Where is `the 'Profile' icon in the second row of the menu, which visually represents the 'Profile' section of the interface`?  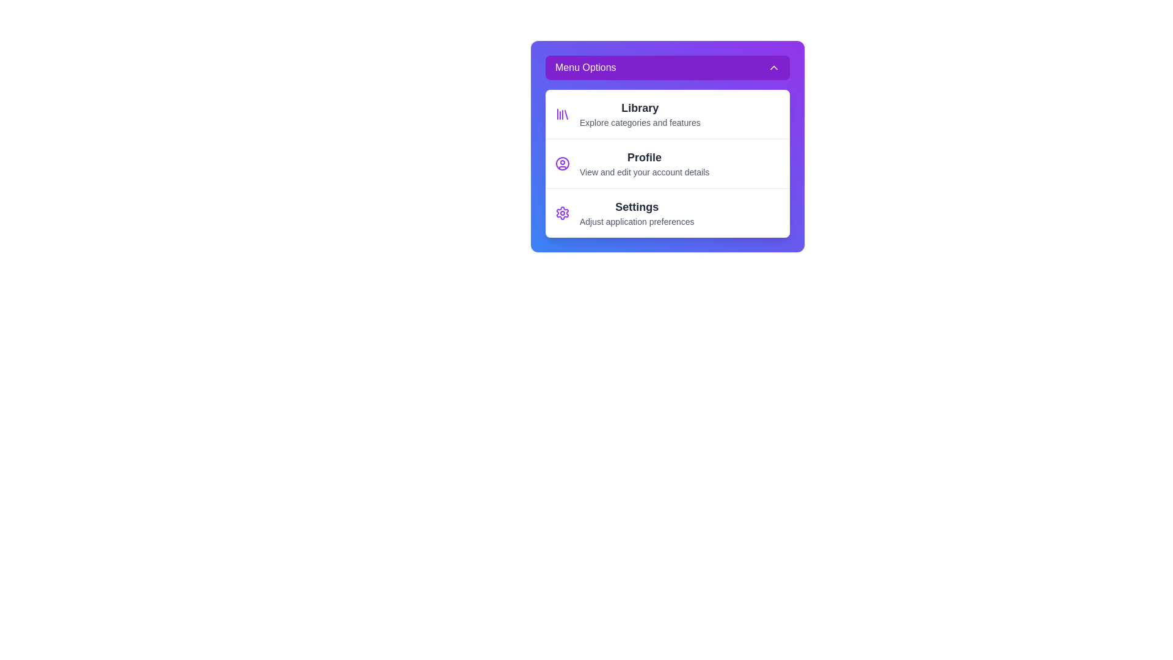 the 'Profile' icon in the second row of the menu, which visually represents the 'Profile' section of the interface is located at coordinates (562, 163).